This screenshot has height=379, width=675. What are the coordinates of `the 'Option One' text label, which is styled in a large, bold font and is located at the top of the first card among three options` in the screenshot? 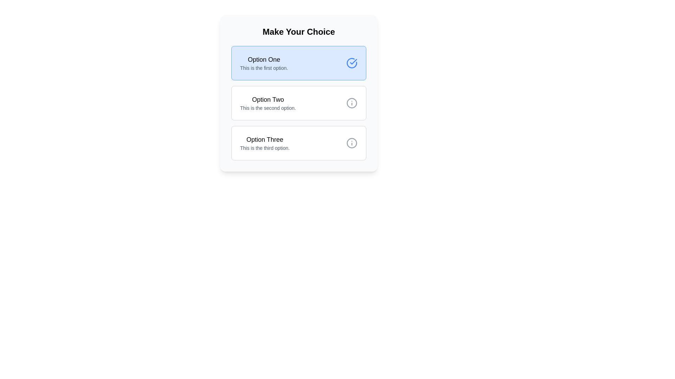 It's located at (264, 59).